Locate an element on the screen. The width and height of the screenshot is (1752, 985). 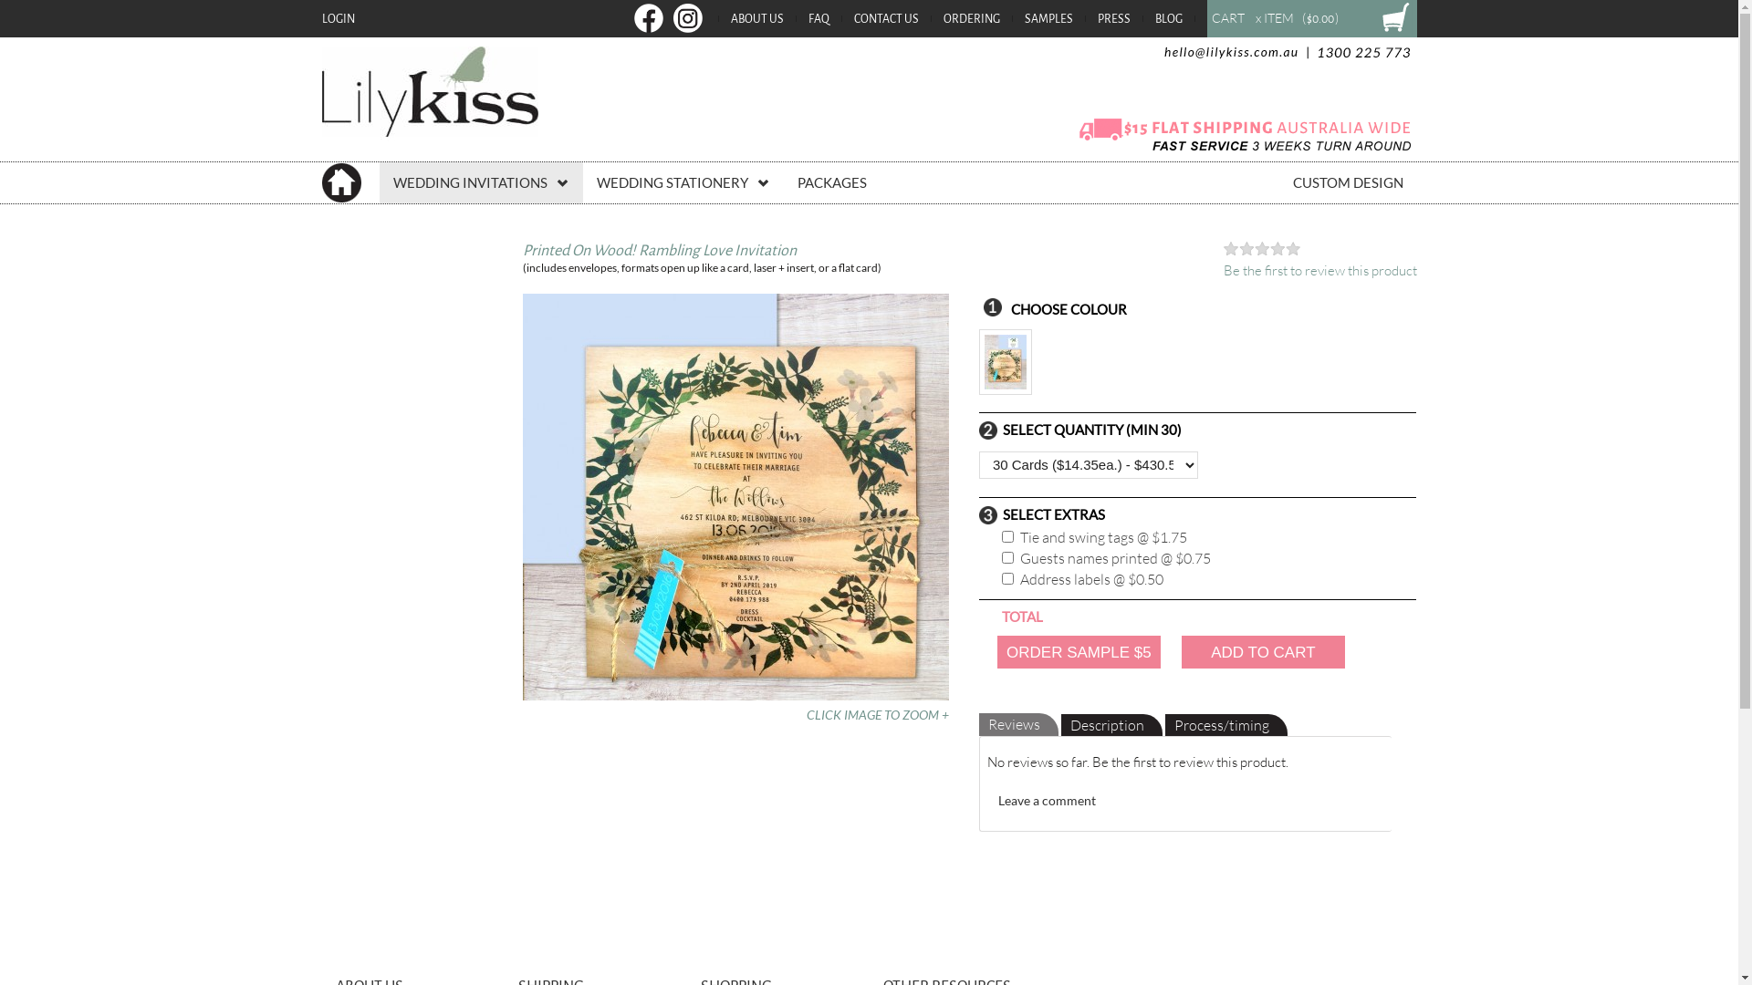
'LOGIN' is located at coordinates (337, 18).